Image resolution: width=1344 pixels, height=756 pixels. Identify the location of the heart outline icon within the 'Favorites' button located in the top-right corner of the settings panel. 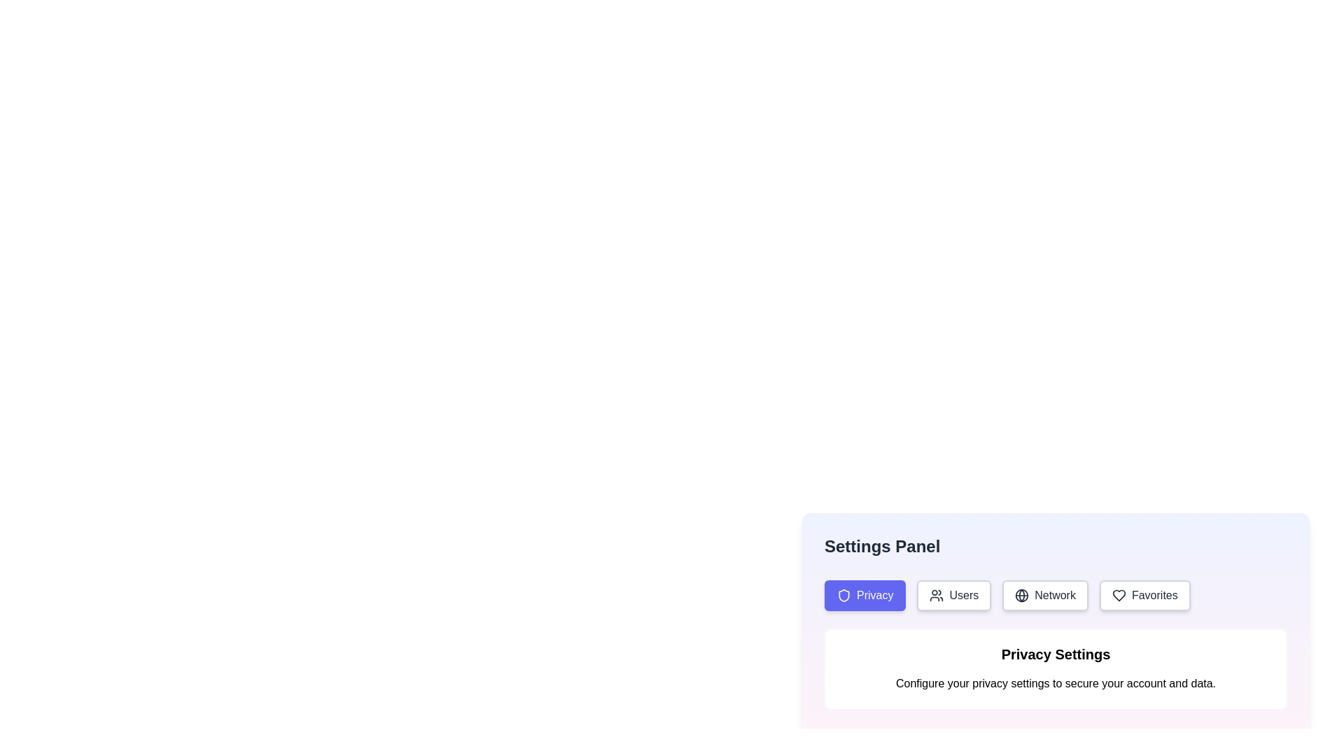
(1118, 596).